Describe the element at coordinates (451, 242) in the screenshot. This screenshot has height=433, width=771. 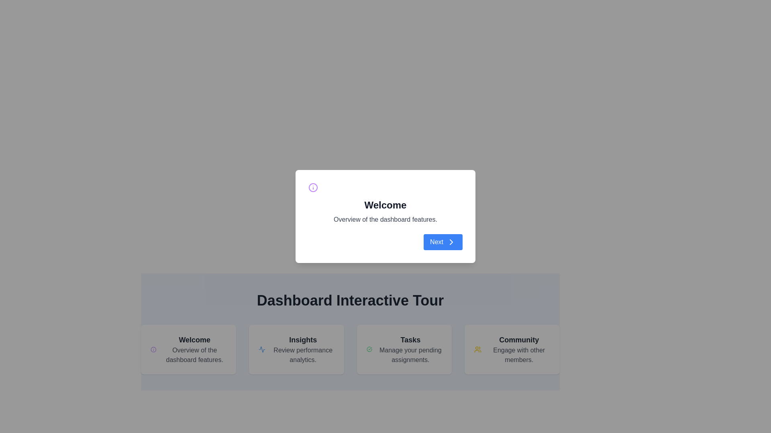
I see `the icon located within the 'Next' button at the bottom-right corner of the modal window to proceed to the next step or page` at that location.